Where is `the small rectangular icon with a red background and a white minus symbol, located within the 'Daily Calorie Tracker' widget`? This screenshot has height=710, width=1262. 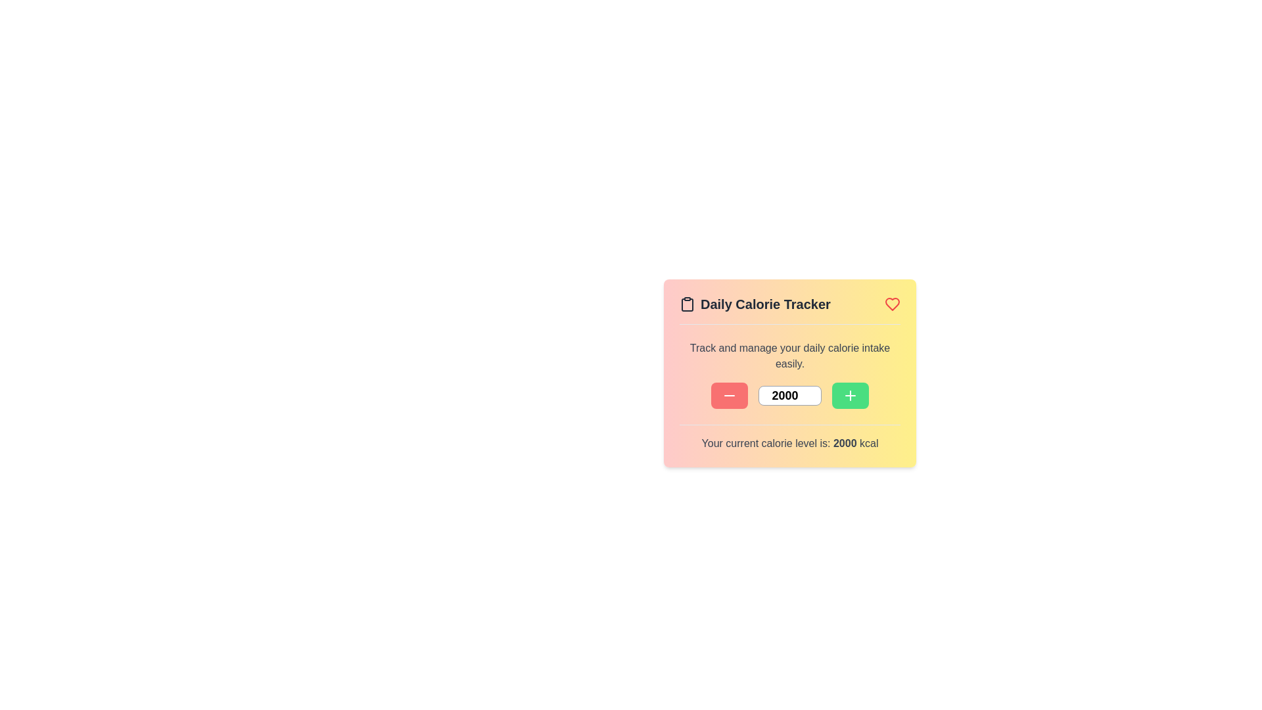
the small rectangular icon with a red background and a white minus symbol, located within the 'Daily Calorie Tracker' widget is located at coordinates (728, 394).